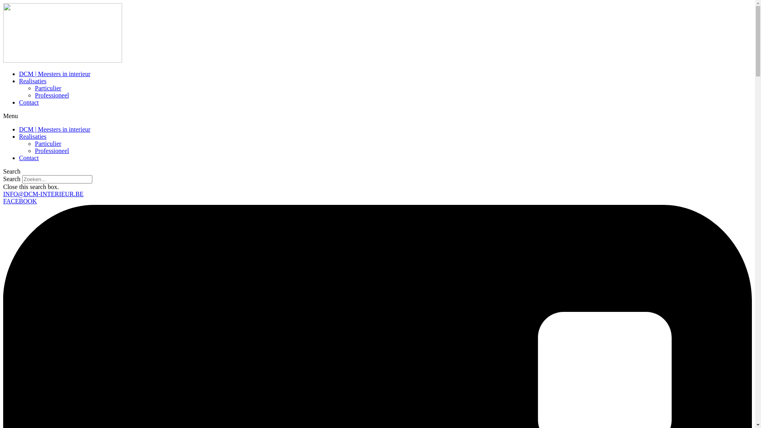 This screenshot has height=428, width=761. Describe the element at coordinates (3, 3) in the screenshot. I see `'Ga naar de inhoud'` at that location.